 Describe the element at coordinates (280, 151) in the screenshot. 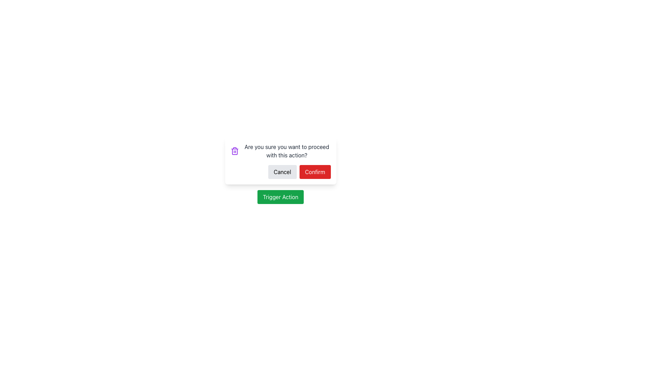

I see `the text element displaying the message 'Are you sure you want to proceed with this action?' accompanied by a trash can icon, located in the modal above the 'Cancel' and 'Confirm' buttons` at that location.